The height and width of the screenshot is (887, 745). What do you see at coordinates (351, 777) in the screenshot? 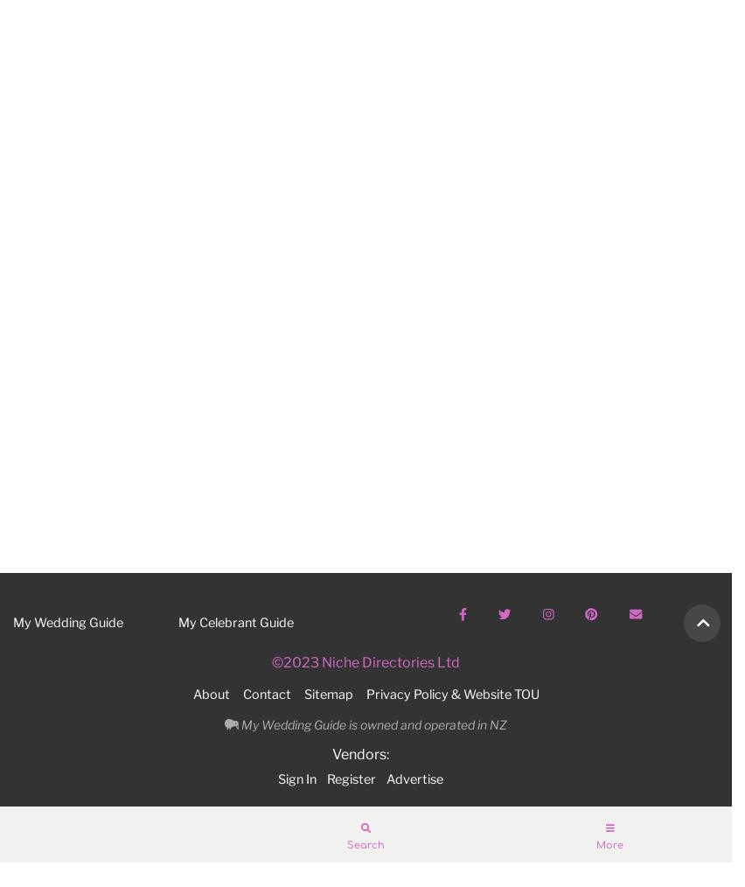
I see `'Register'` at bounding box center [351, 777].